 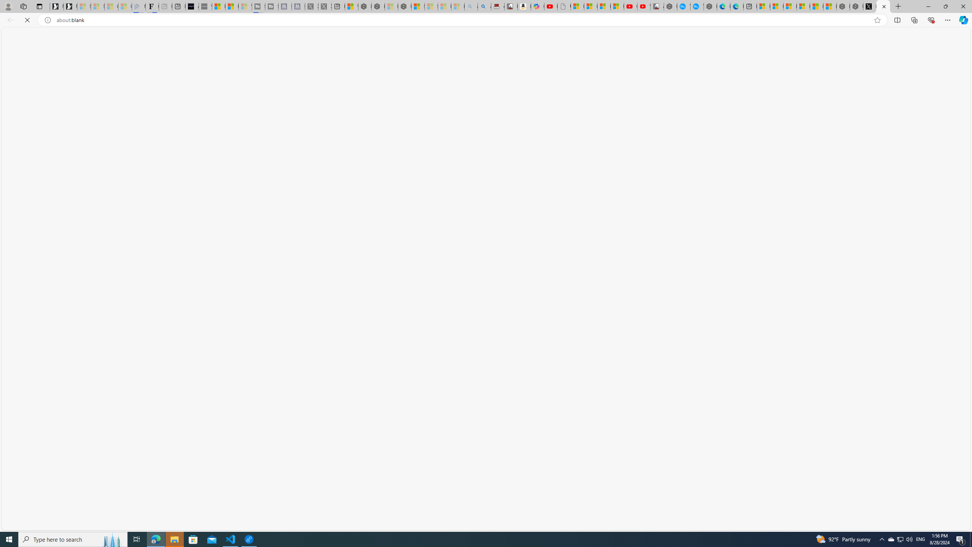 What do you see at coordinates (630, 6) in the screenshot?
I see `'Gloom - YouTube'` at bounding box center [630, 6].